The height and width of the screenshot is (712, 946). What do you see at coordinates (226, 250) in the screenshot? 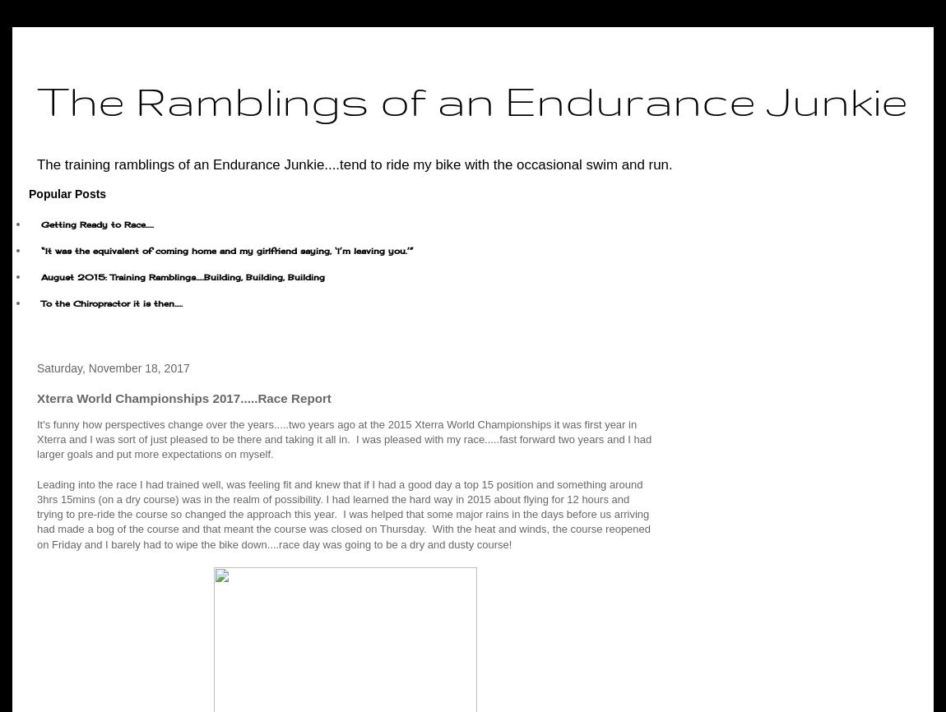
I see `'“It was the equivalent of coming home and my girlfriend saying, ‘I’m leaving you.’”'` at bounding box center [226, 250].